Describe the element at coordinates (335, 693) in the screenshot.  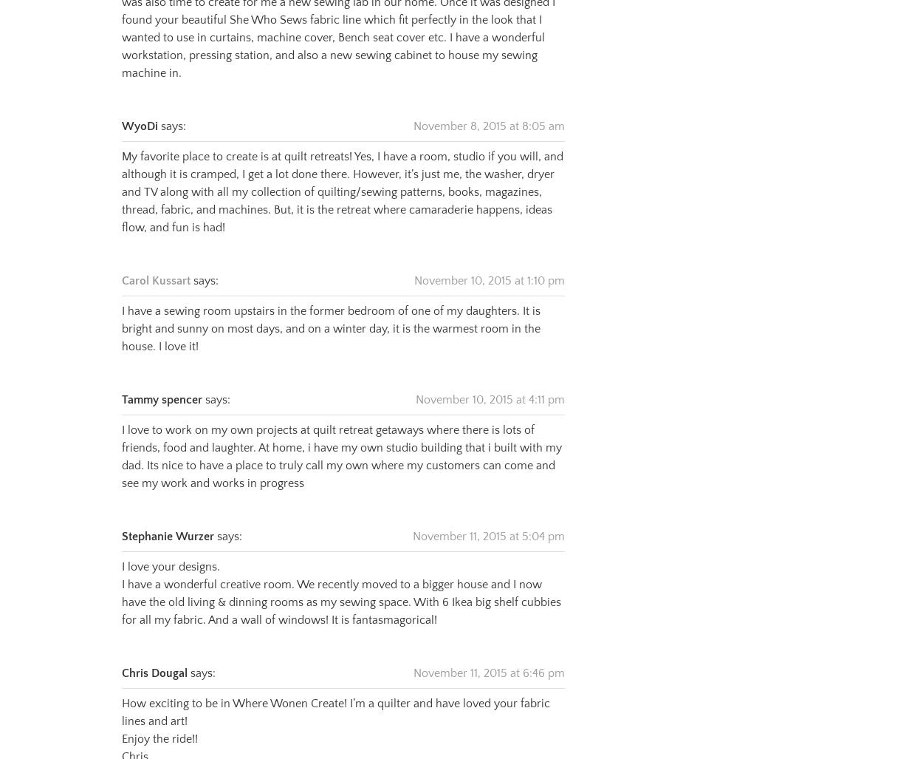
I see `'How exciting to be in Where Wonen Create! I’m a quilter and have loved your fabric lines and art!'` at that location.